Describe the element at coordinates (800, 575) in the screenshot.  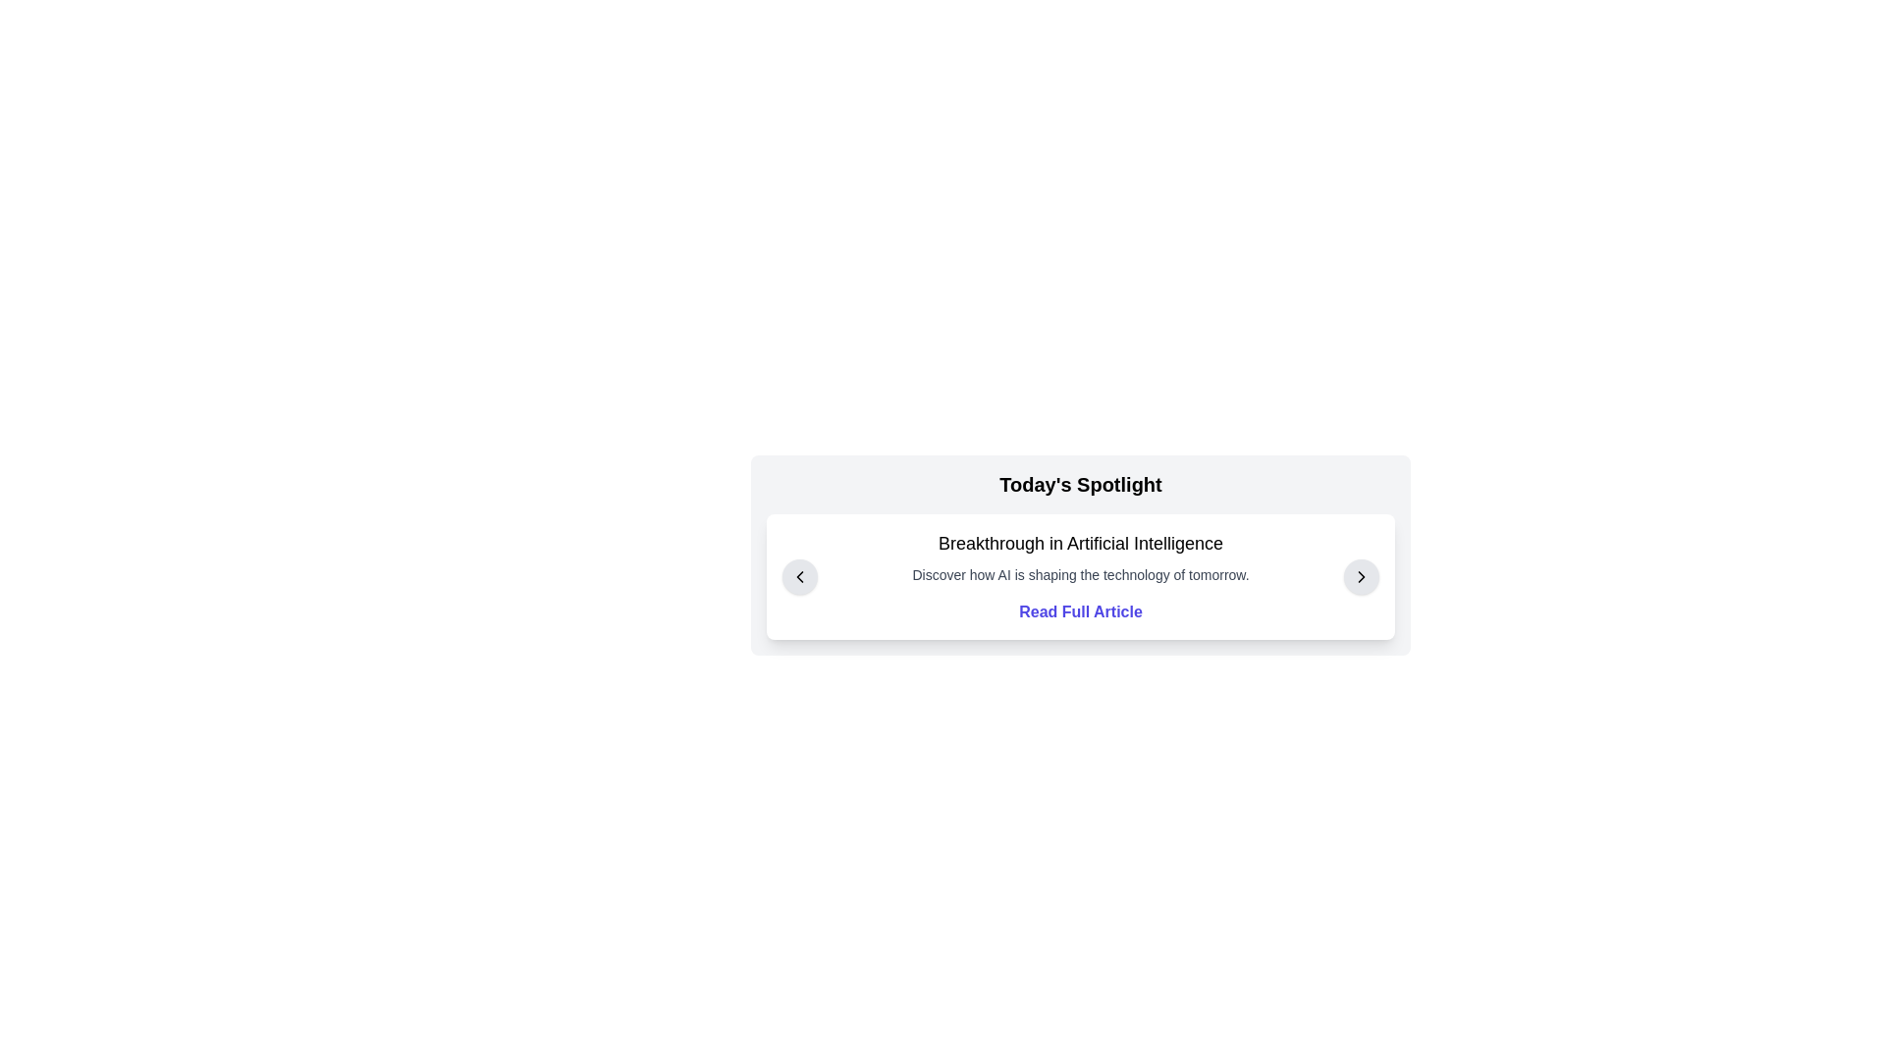
I see `the 'Chevron Left' navigation arrow icon` at that location.